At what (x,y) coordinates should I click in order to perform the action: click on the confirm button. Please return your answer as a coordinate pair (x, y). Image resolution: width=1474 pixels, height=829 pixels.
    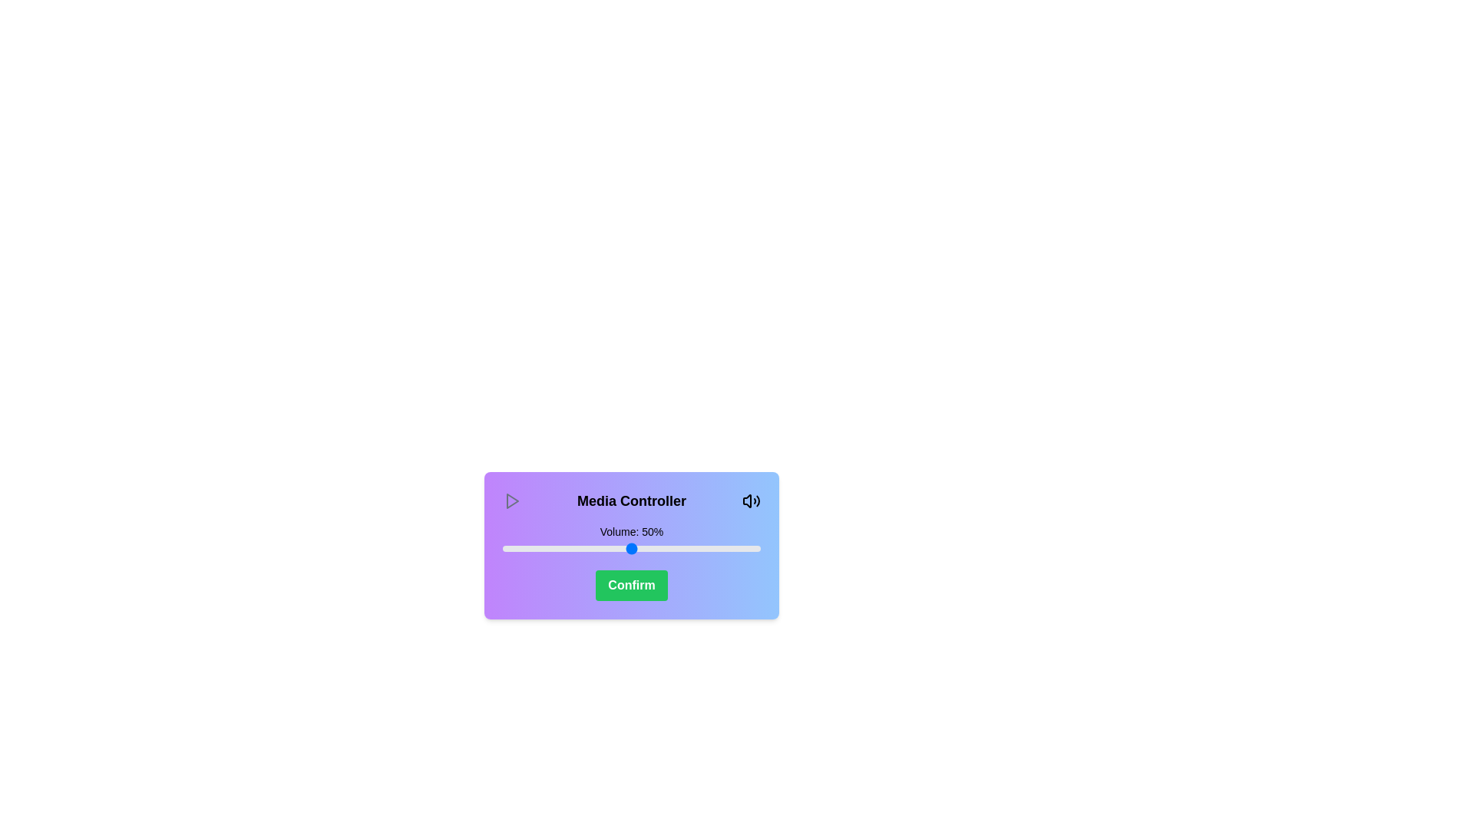
    Looking at the image, I should click on (631, 586).